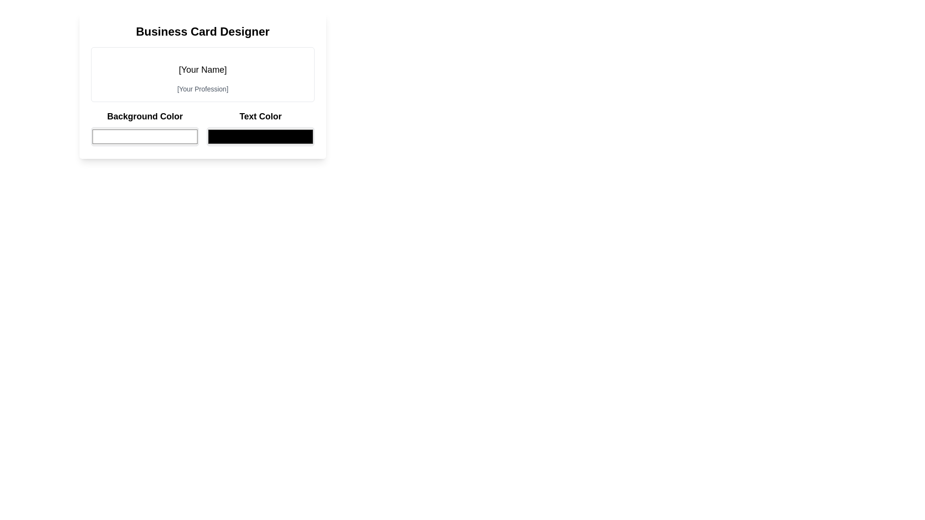 Image resolution: width=925 pixels, height=520 pixels. Describe the element at coordinates (202, 31) in the screenshot. I see `header text element displaying 'Business Card Designer' located at the top of the card-like section` at that location.